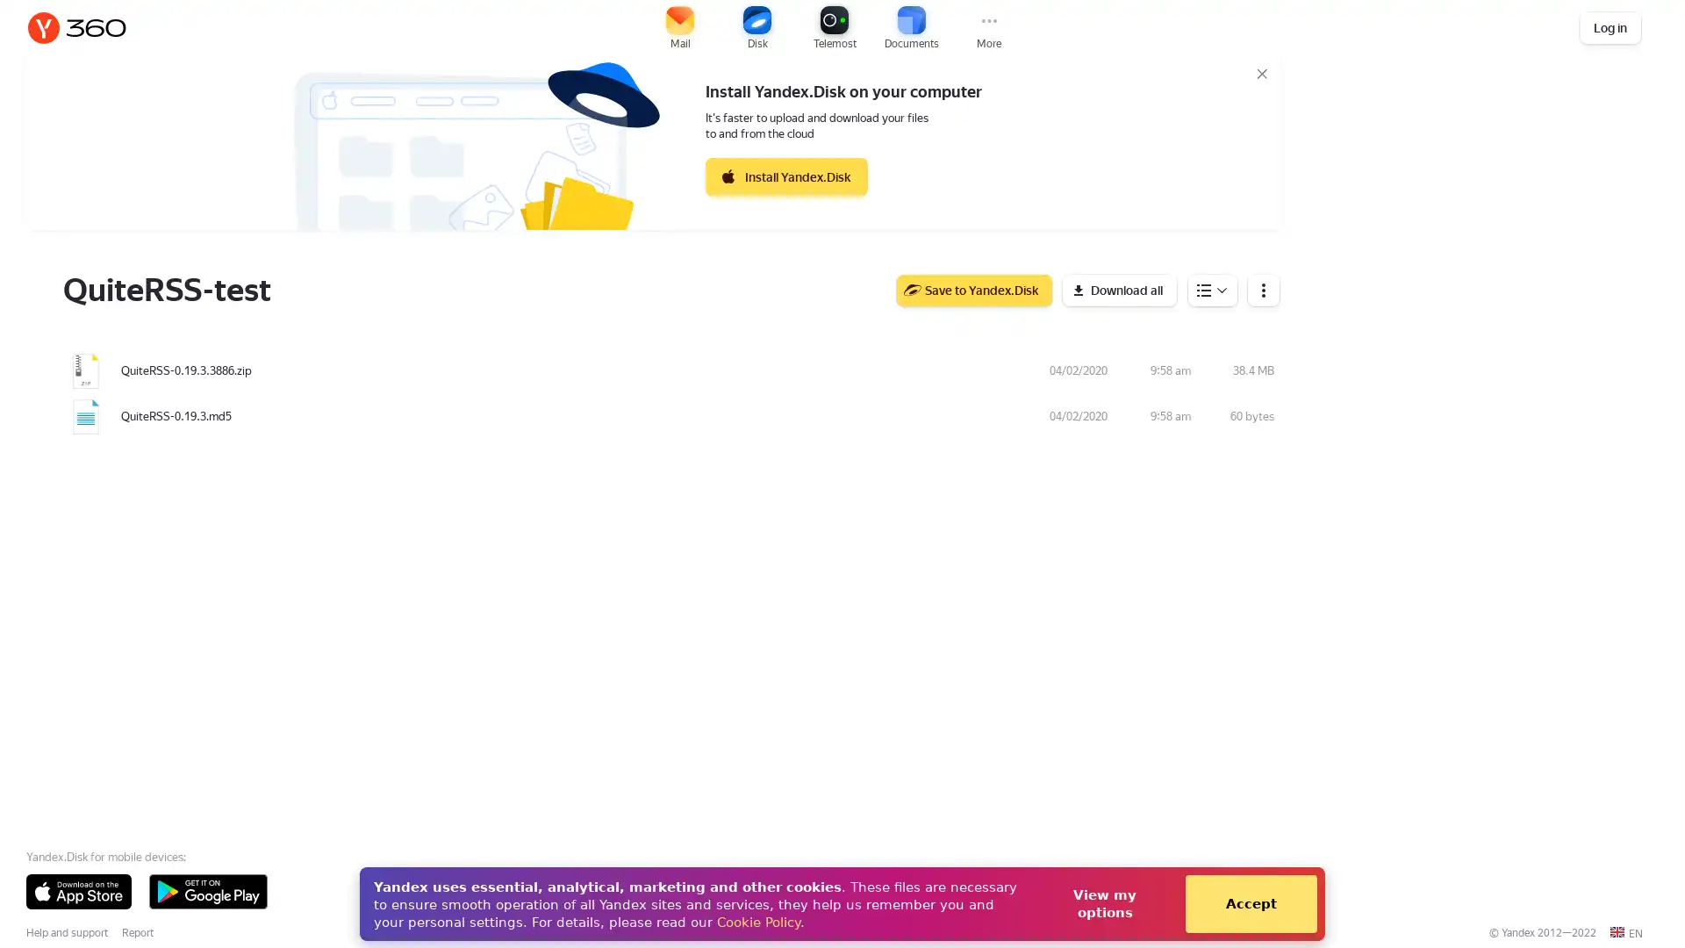  What do you see at coordinates (989, 27) in the screenshot?
I see `More` at bounding box center [989, 27].